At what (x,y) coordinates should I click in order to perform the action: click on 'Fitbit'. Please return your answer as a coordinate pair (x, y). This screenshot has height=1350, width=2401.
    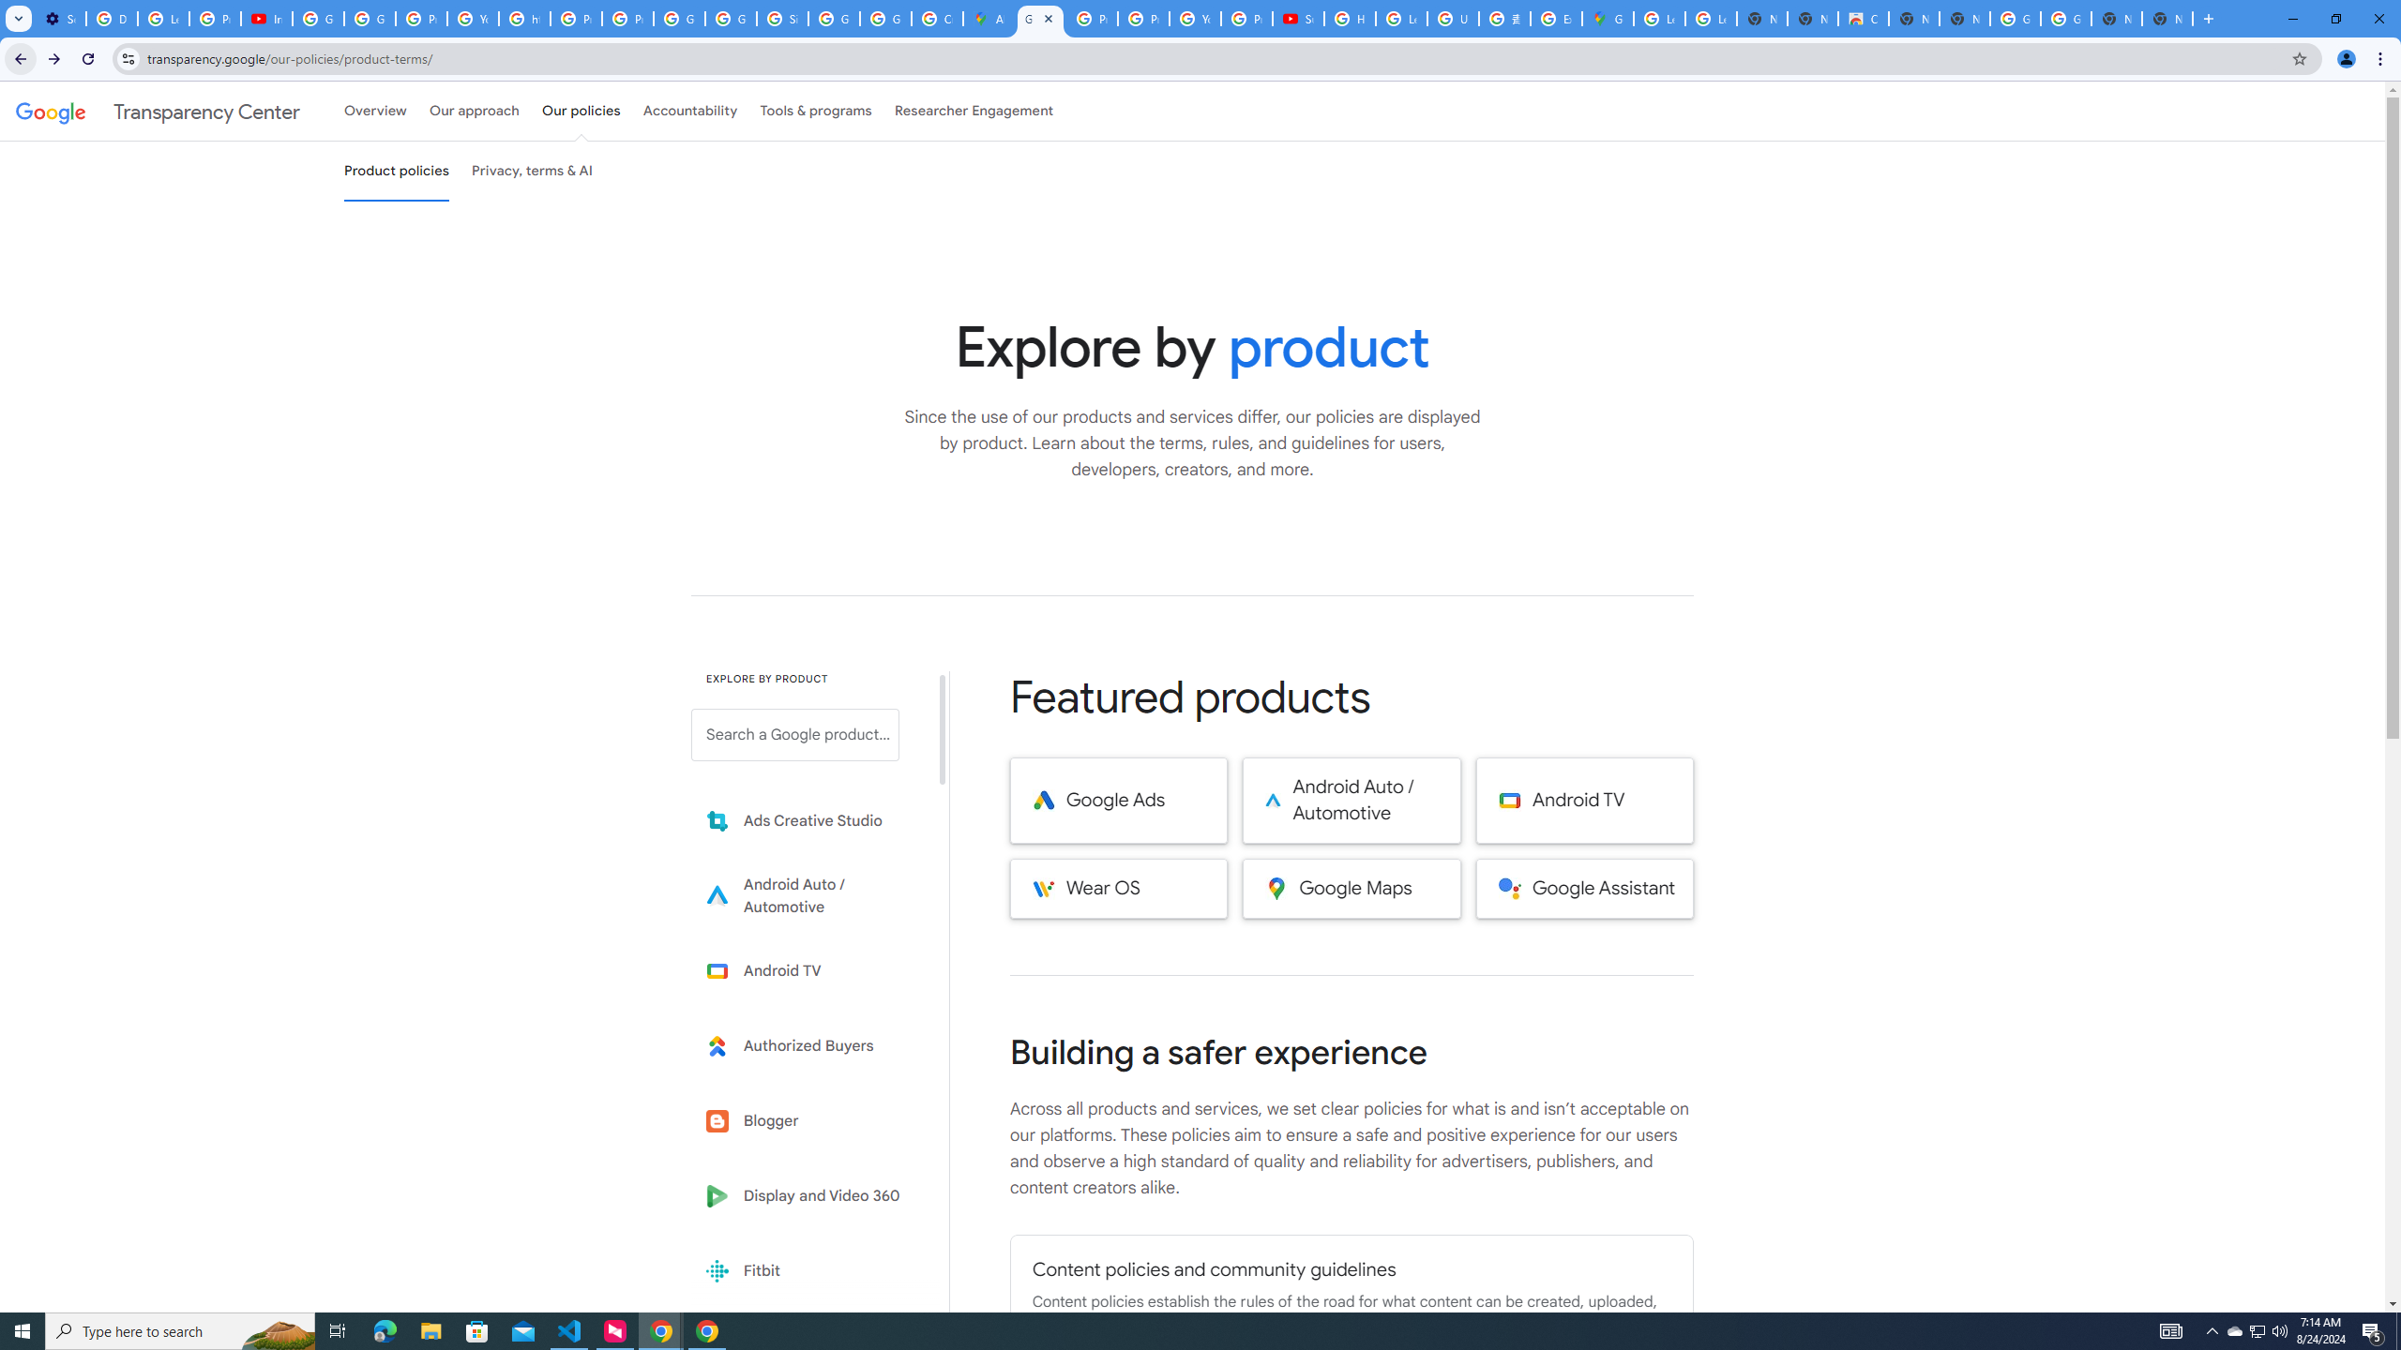
    Looking at the image, I should click on (808, 1270).